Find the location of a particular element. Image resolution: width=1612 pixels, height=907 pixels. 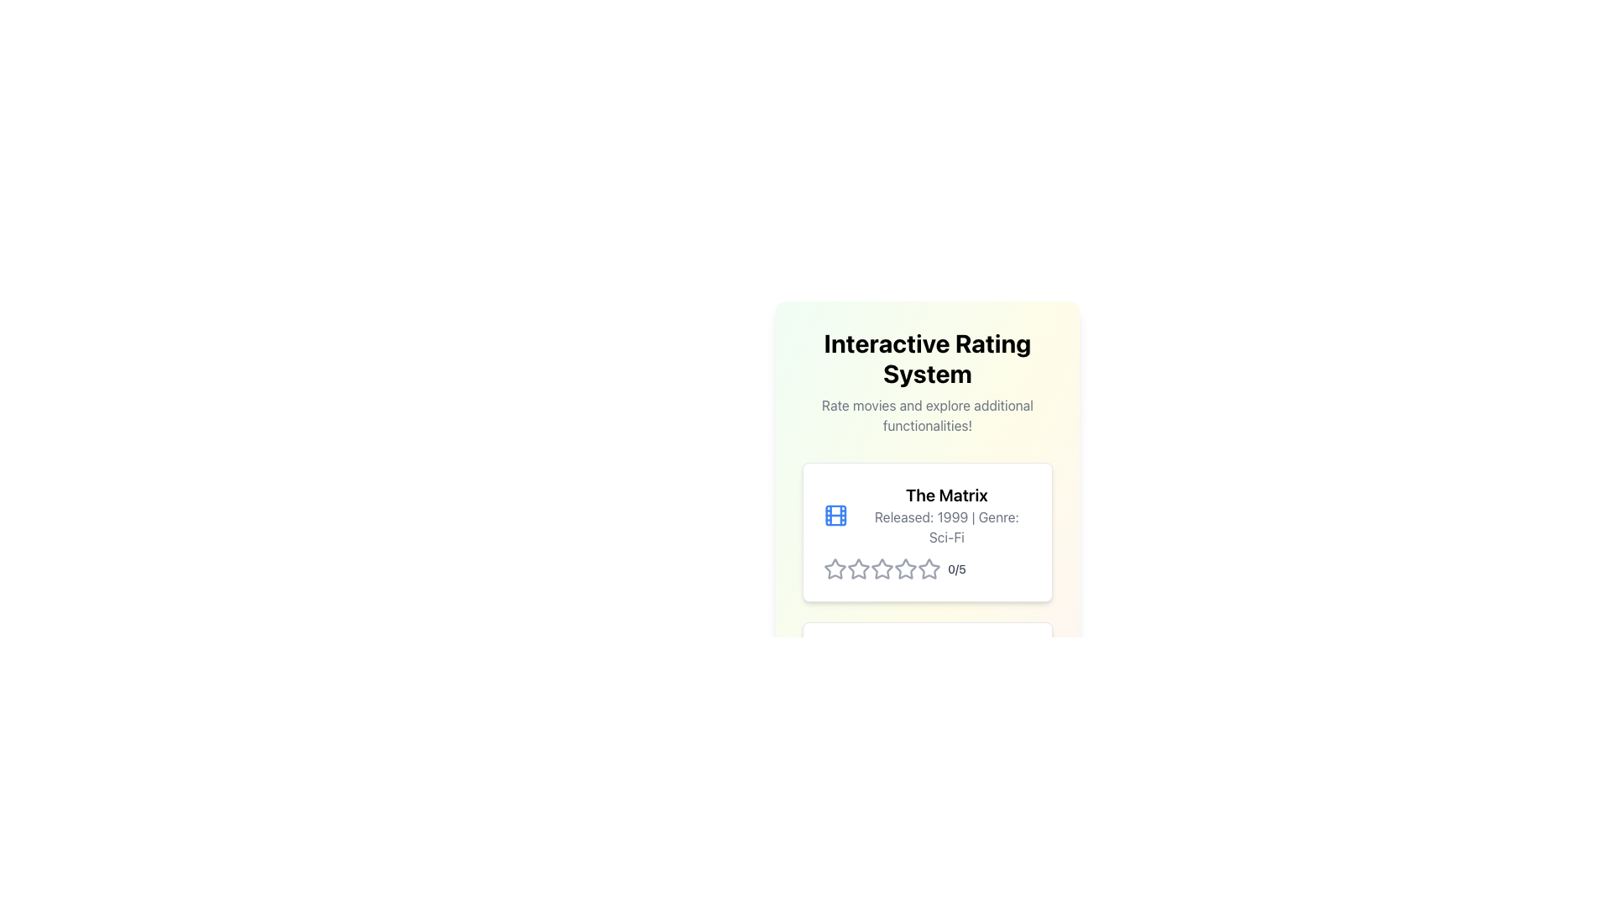

the fourth star-shaped SVG icon in the rating row below the movie title 'The Matrix' to rate the movie with 4 stars is located at coordinates (929, 568).